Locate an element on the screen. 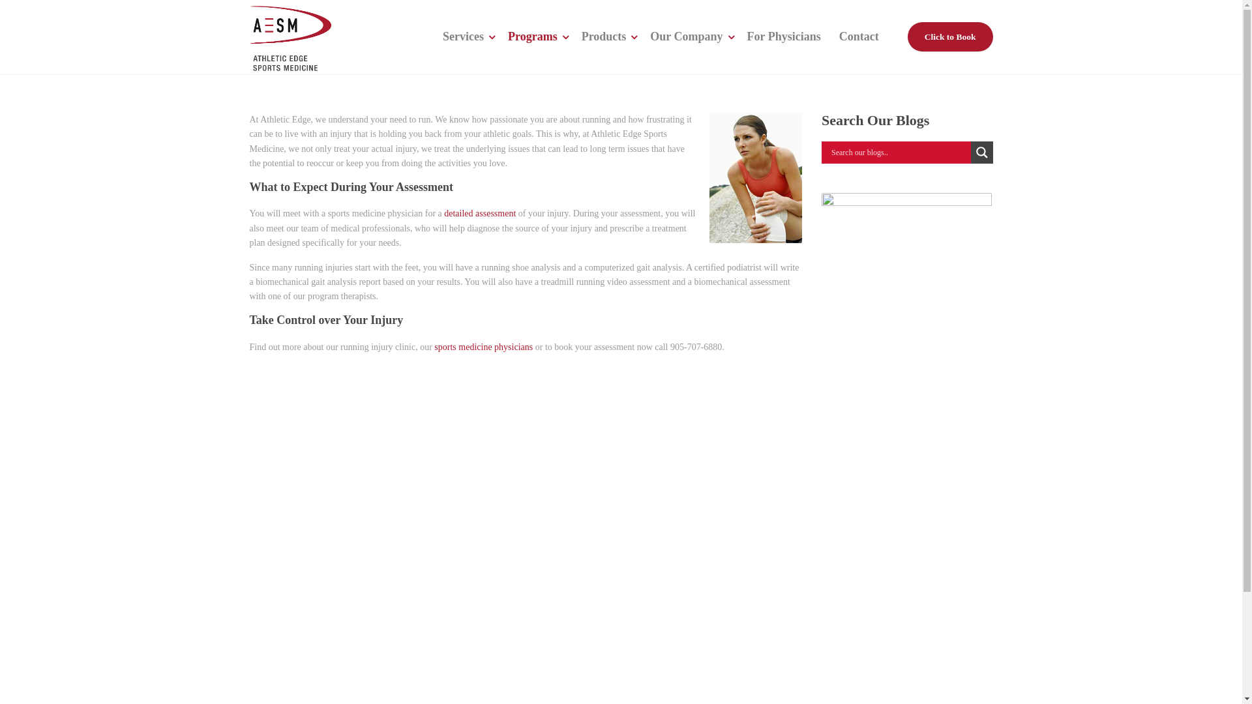 Image resolution: width=1252 pixels, height=704 pixels. 'detailed assessment' is located at coordinates (479, 213).